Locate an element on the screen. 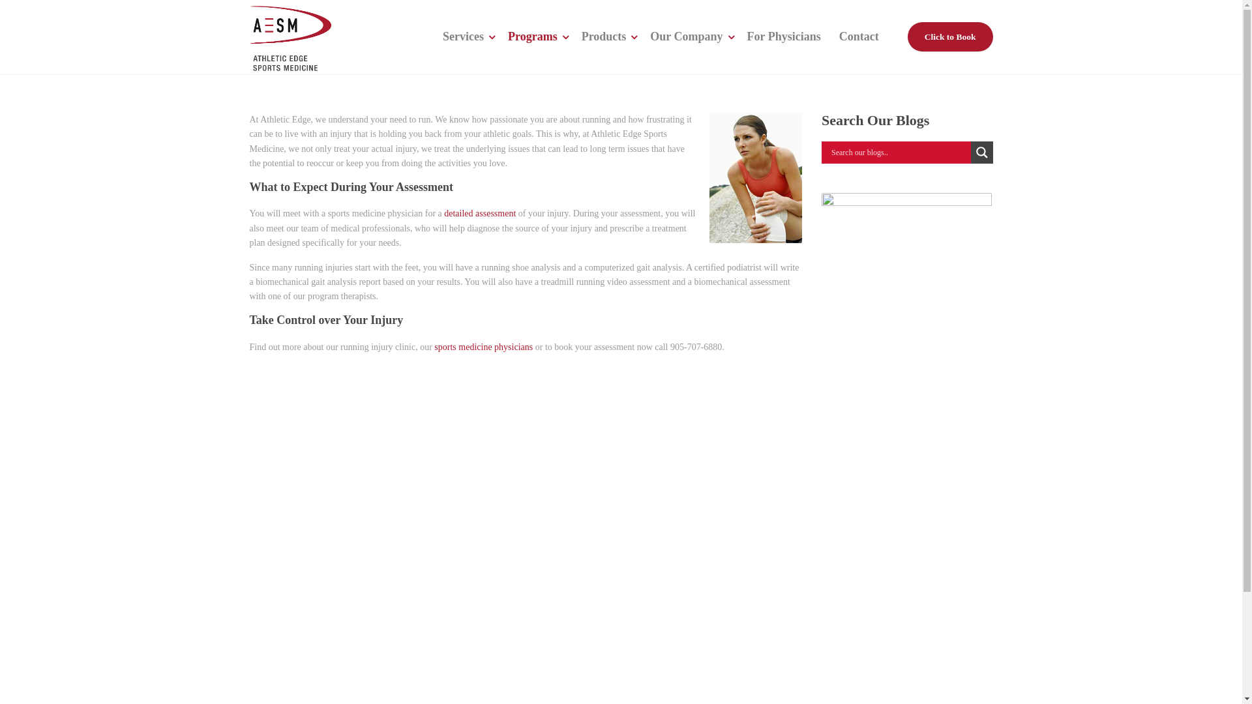 Image resolution: width=1252 pixels, height=704 pixels. 'detailed assessment' is located at coordinates (479, 213).